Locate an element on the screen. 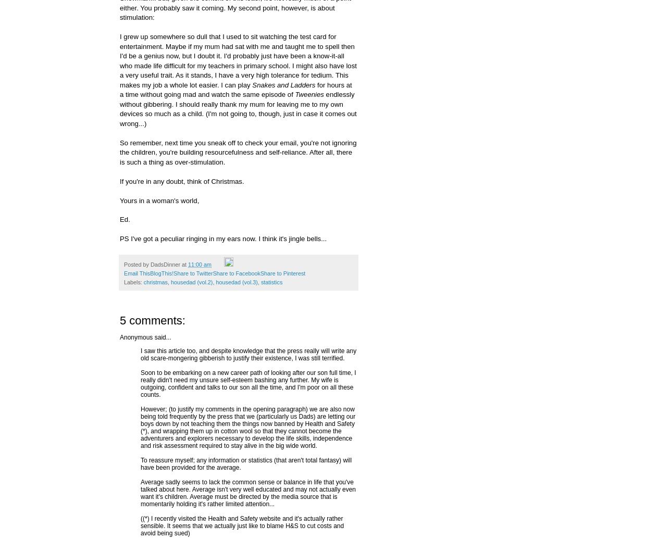 This screenshot has height=539, width=671. 'However; (to justify my comments in the opening paragraph) we are also now being told frequently by the press that we (particularly us Dads) are letting our boys down by not teaching them the things now banned by Health and Safety (*), and wrapping them up in cotton wool so that they cannot become the adventurers and explorers necessary to develop the life skills, independence and risk assessment required to stay alive in the big wide world.' is located at coordinates (247, 427).